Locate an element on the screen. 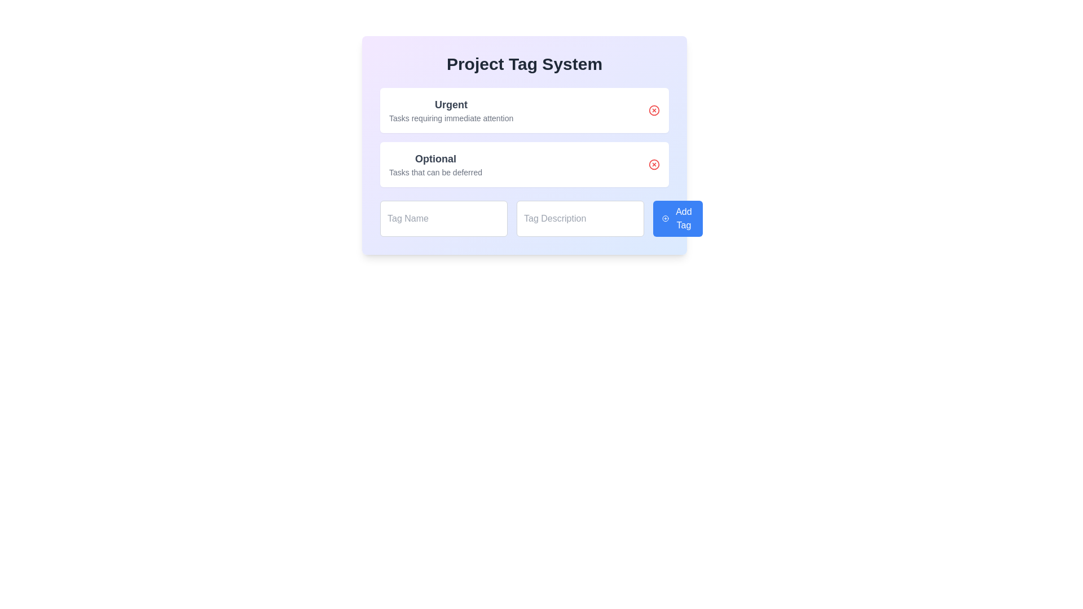  the text input field for entering a description for a tag to focus on it is located at coordinates (580, 219).